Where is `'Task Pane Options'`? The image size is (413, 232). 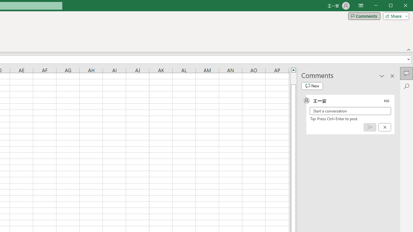 'Task Pane Options' is located at coordinates (382, 75).